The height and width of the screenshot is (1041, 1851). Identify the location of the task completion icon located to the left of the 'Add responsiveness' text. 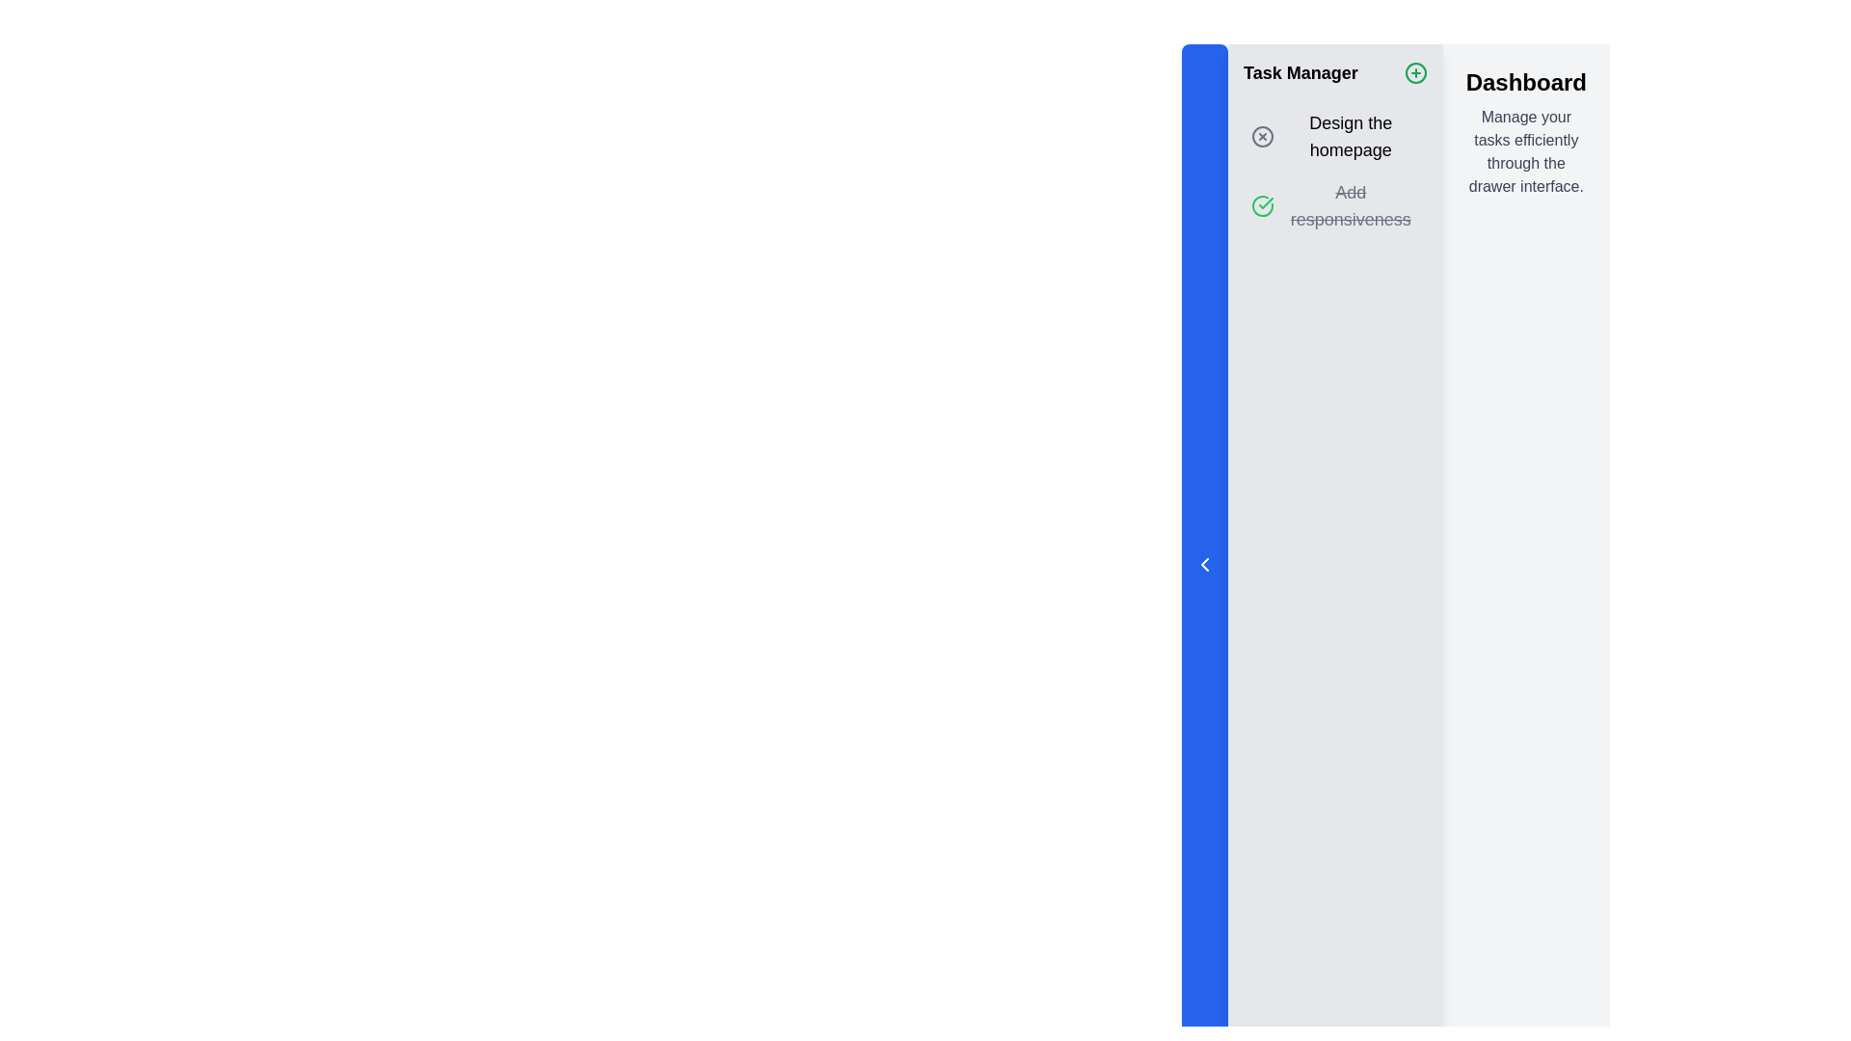
(1263, 205).